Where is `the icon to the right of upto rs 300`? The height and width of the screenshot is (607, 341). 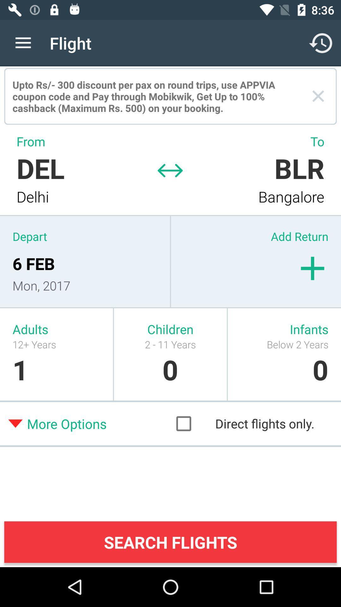
the icon to the right of upto rs 300 is located at coordinates (318, 96).